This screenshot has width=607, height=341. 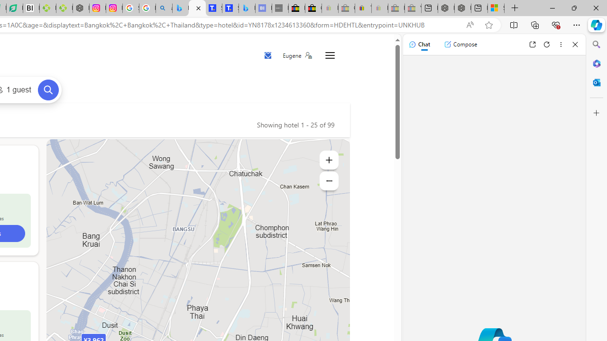 I want to click on 'Payments Terms of Use | eBay.com - Sleeping', so click(x=379, y=8).